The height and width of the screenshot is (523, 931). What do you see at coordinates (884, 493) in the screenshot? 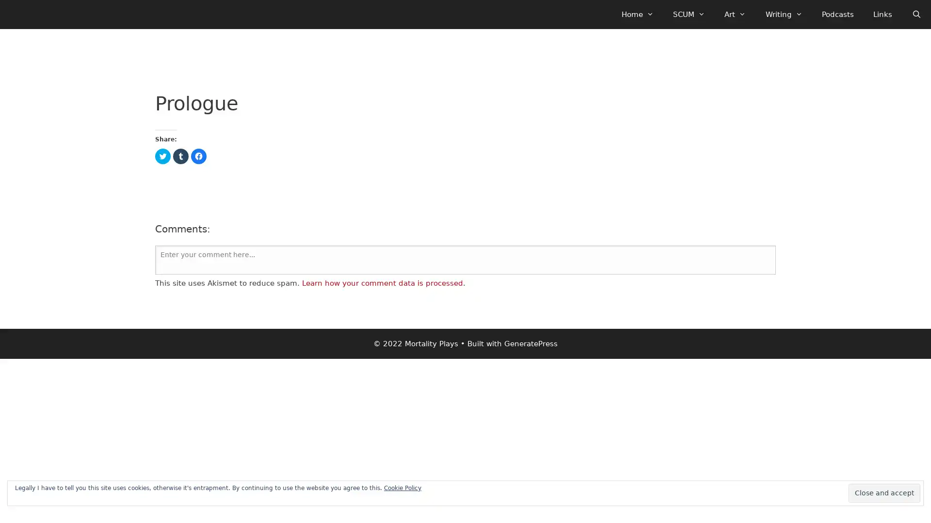
I see `Close and accept` at bounding box center [884, 493].